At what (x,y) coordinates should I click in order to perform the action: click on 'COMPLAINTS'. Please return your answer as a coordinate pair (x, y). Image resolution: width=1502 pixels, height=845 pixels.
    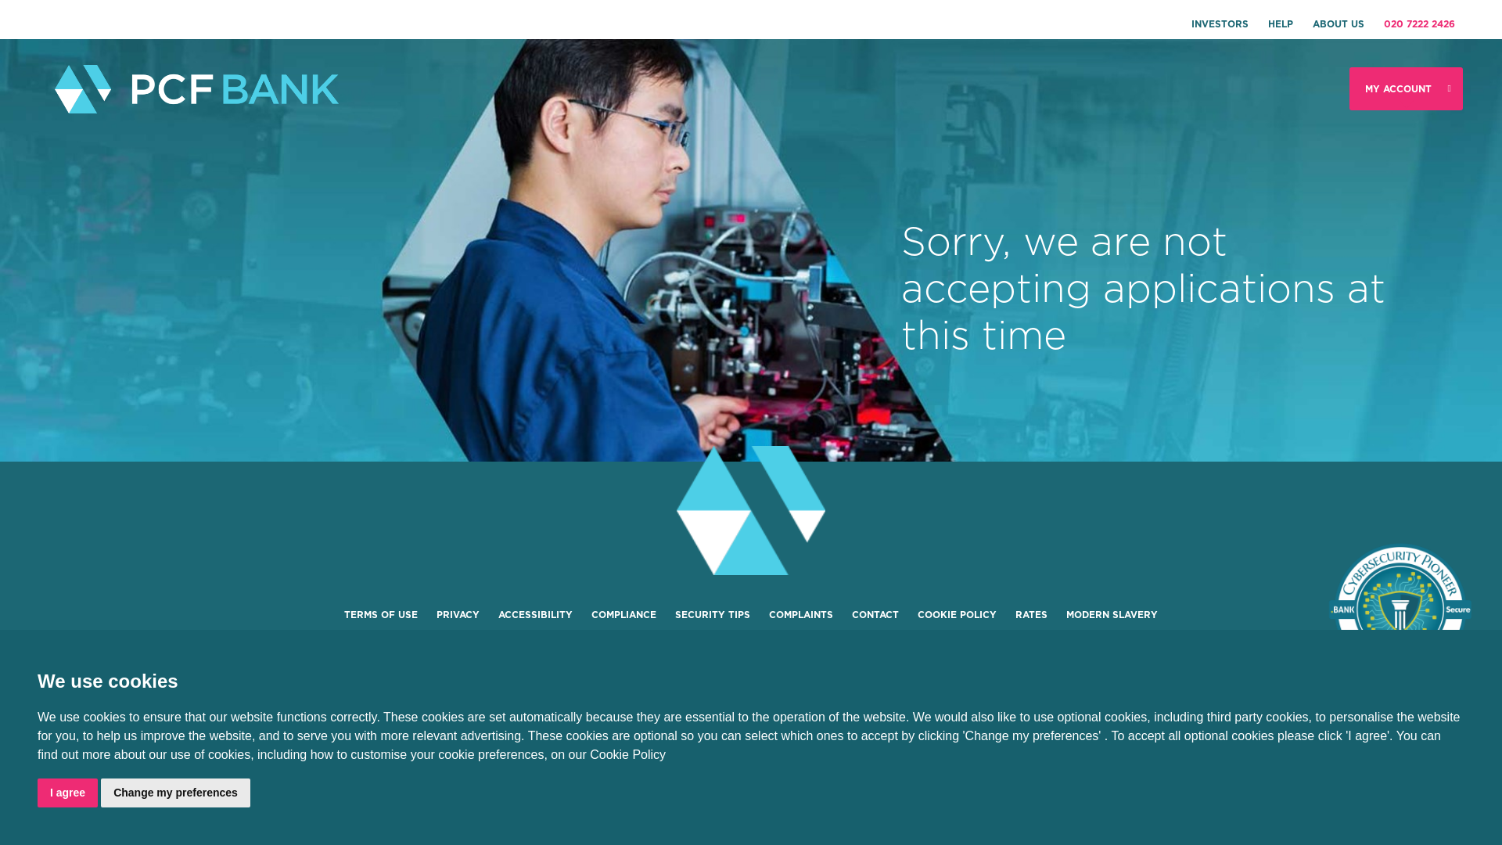
    Looking at the image, I should click on (769, 614).